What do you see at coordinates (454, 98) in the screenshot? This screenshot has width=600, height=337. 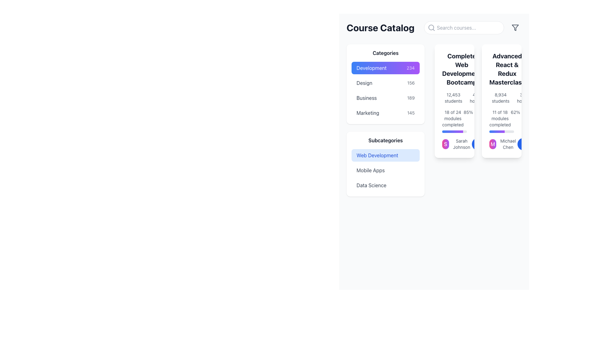 I see `text value of the statistical indicator for the number of students enrolled in the 'Complete Web Development Bootcamp' card, located below the course title and next to the displayed duration` at bounding box center [454, 98].